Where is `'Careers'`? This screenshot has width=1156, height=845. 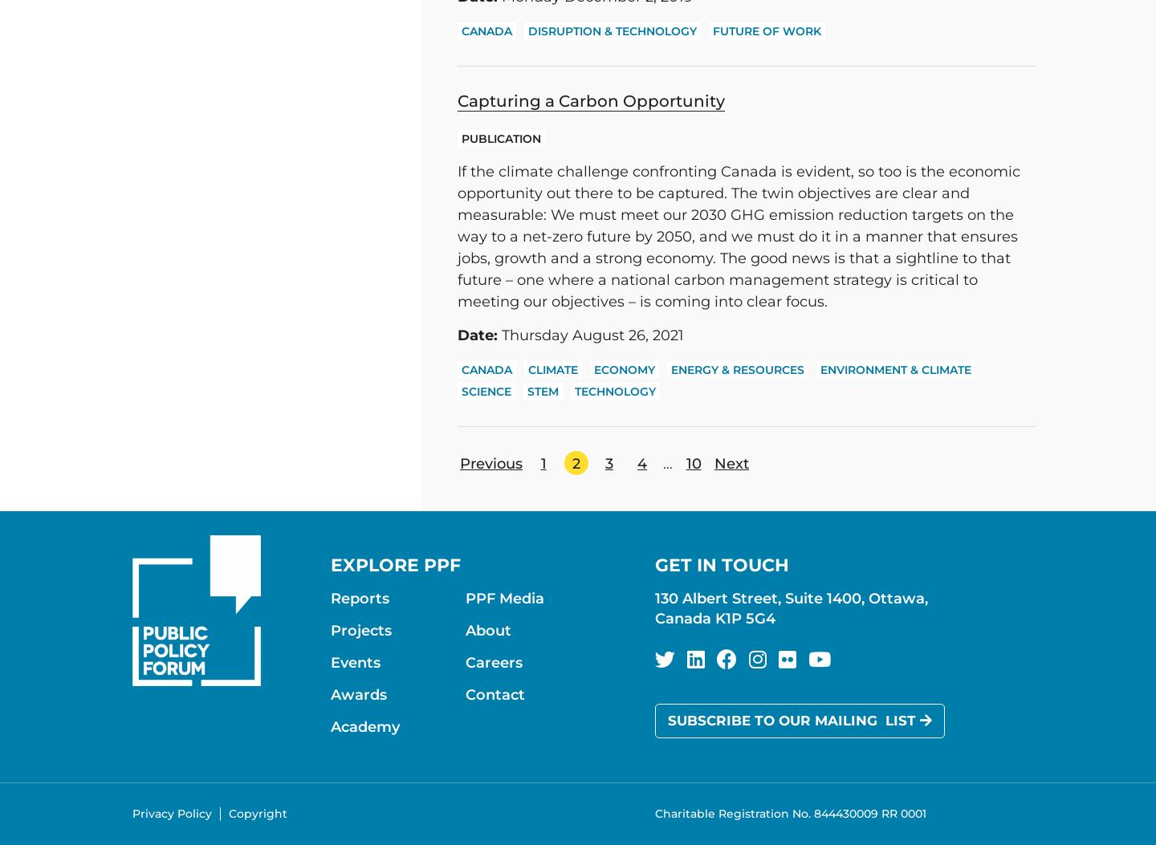 'Careers' is located at coordinates (492, 661).